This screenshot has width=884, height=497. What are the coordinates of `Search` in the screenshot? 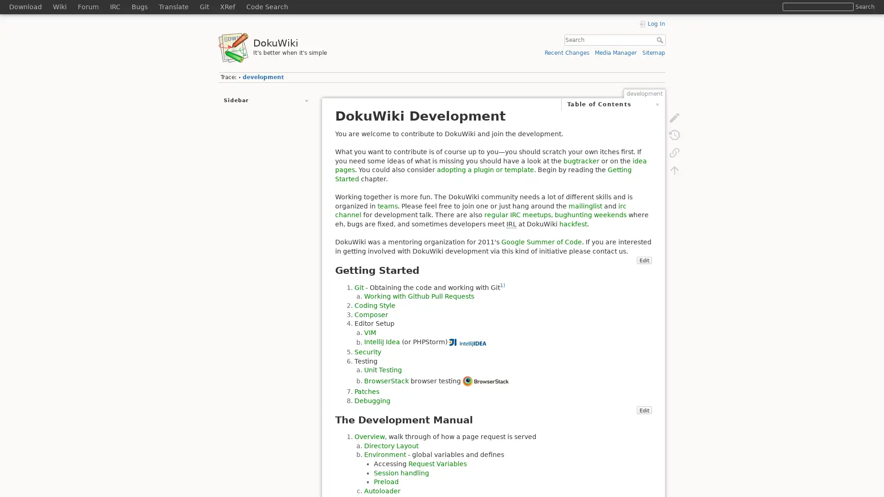 It's located at (864, 6).